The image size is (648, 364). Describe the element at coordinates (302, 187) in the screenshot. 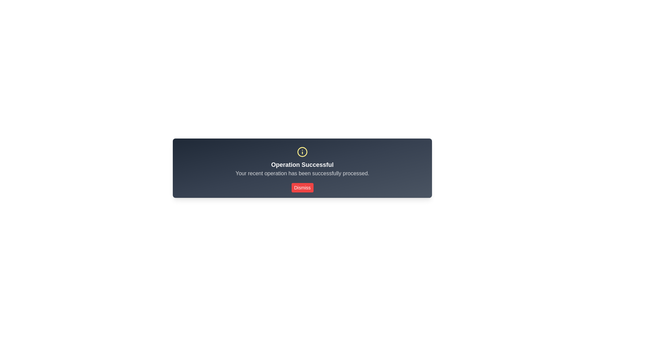

I see `'Dismiss' button to hide the alert` at that location.